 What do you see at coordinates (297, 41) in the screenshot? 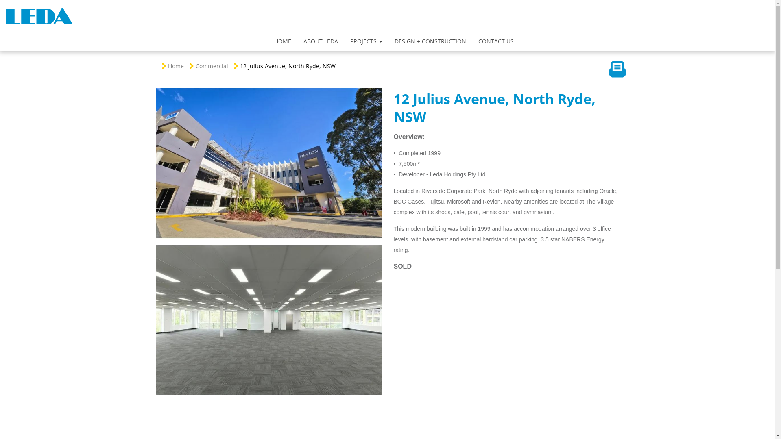
I see `'ABOUT LEDA'` at bounding box center [297, 41].